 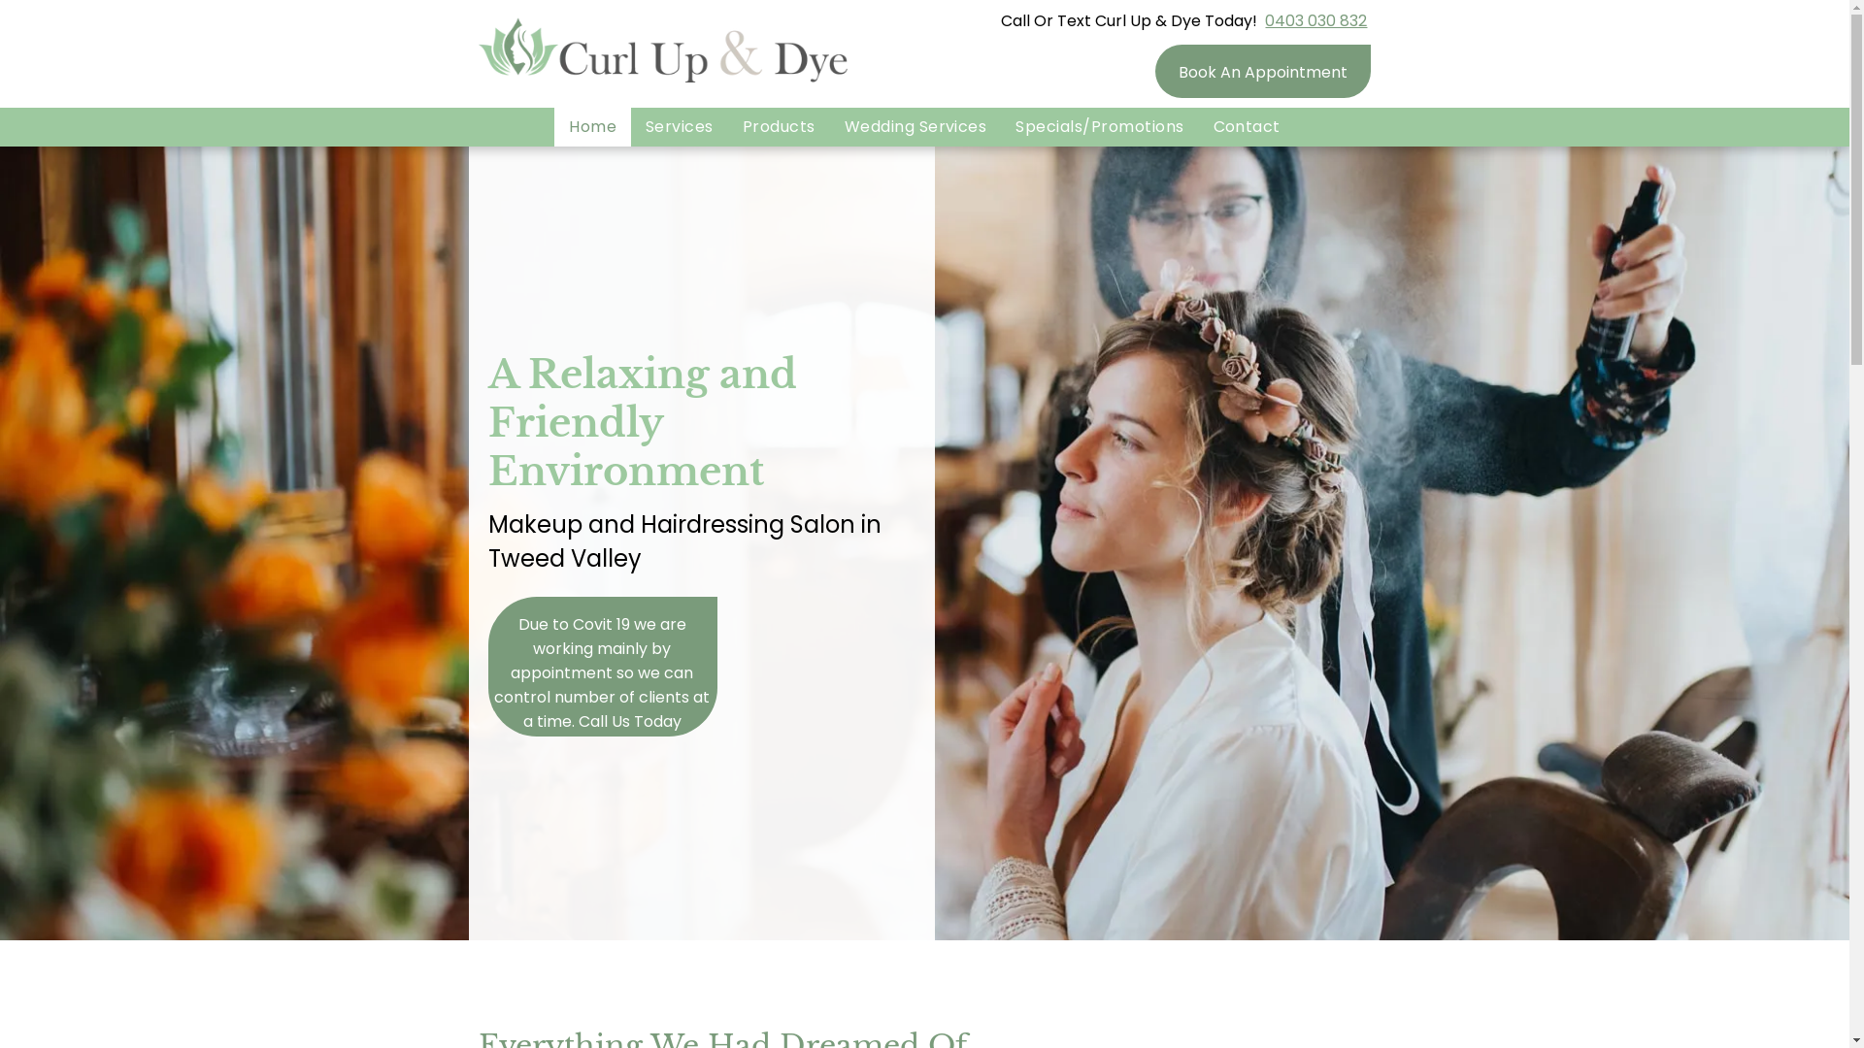 What do you see at coordinates (680, 127) in the screenshot?
I see `'Services'` at bounding box center [680, 127].